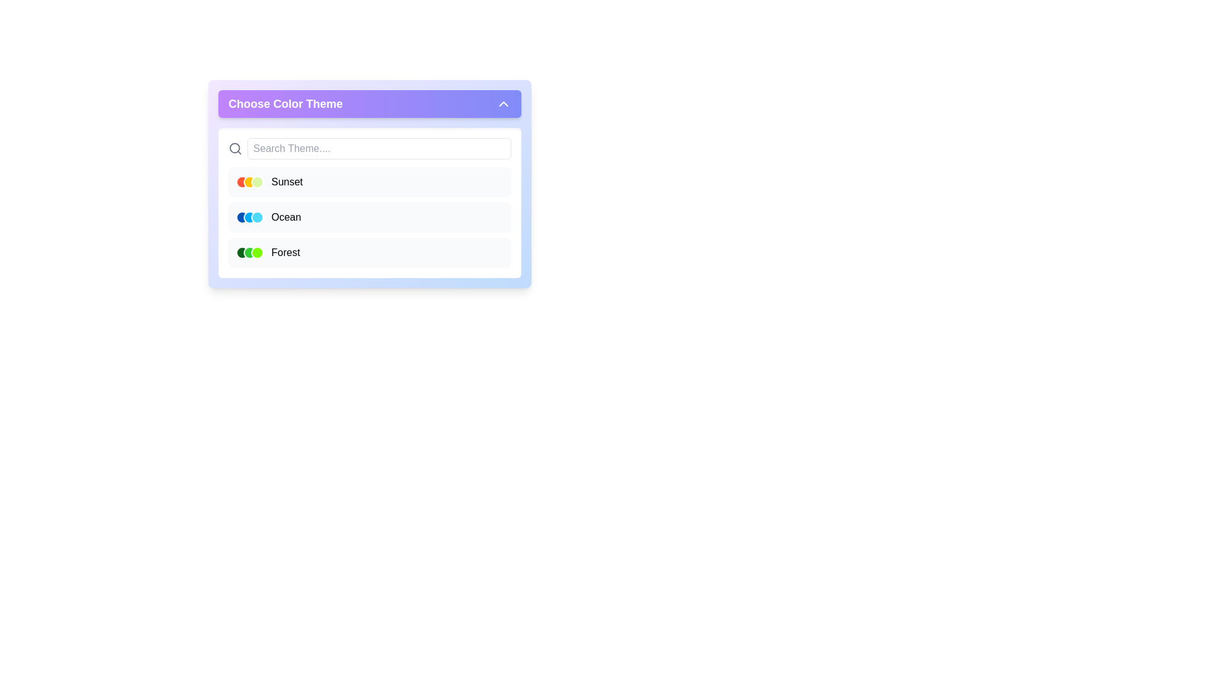  I want to click on the 'Forest' theme text label, which serves as a descriptive text for the selectable color theme option in the 'Choose Color Theme' pop-up interface, so click(285, 253).